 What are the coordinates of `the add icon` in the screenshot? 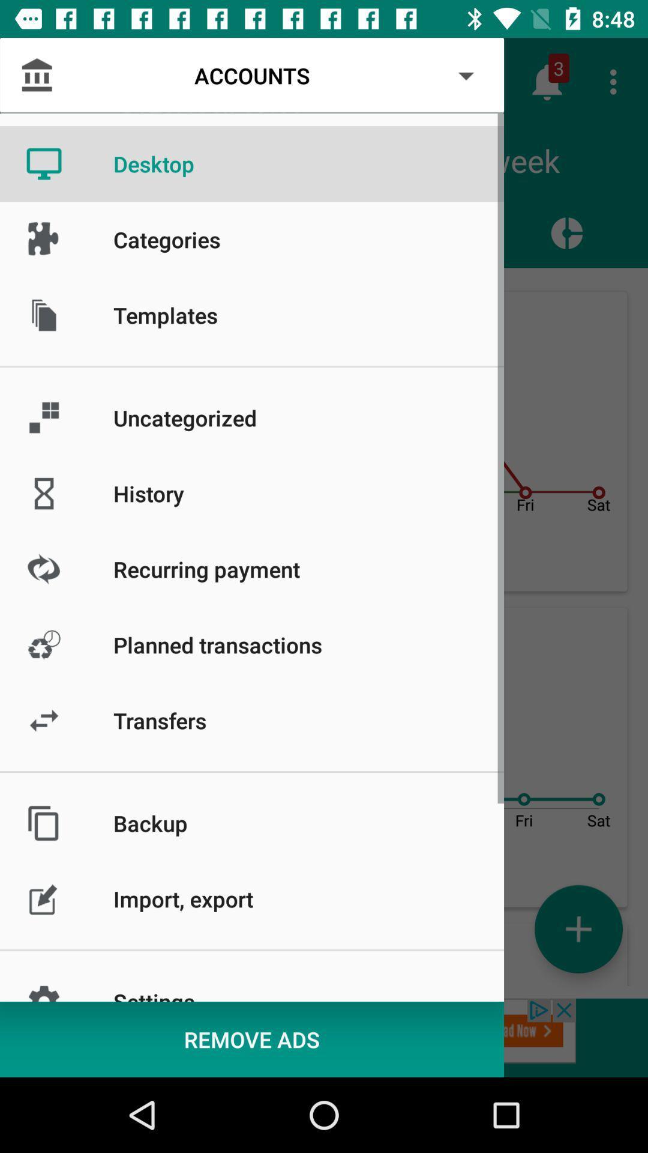 It's located at (578, 928).